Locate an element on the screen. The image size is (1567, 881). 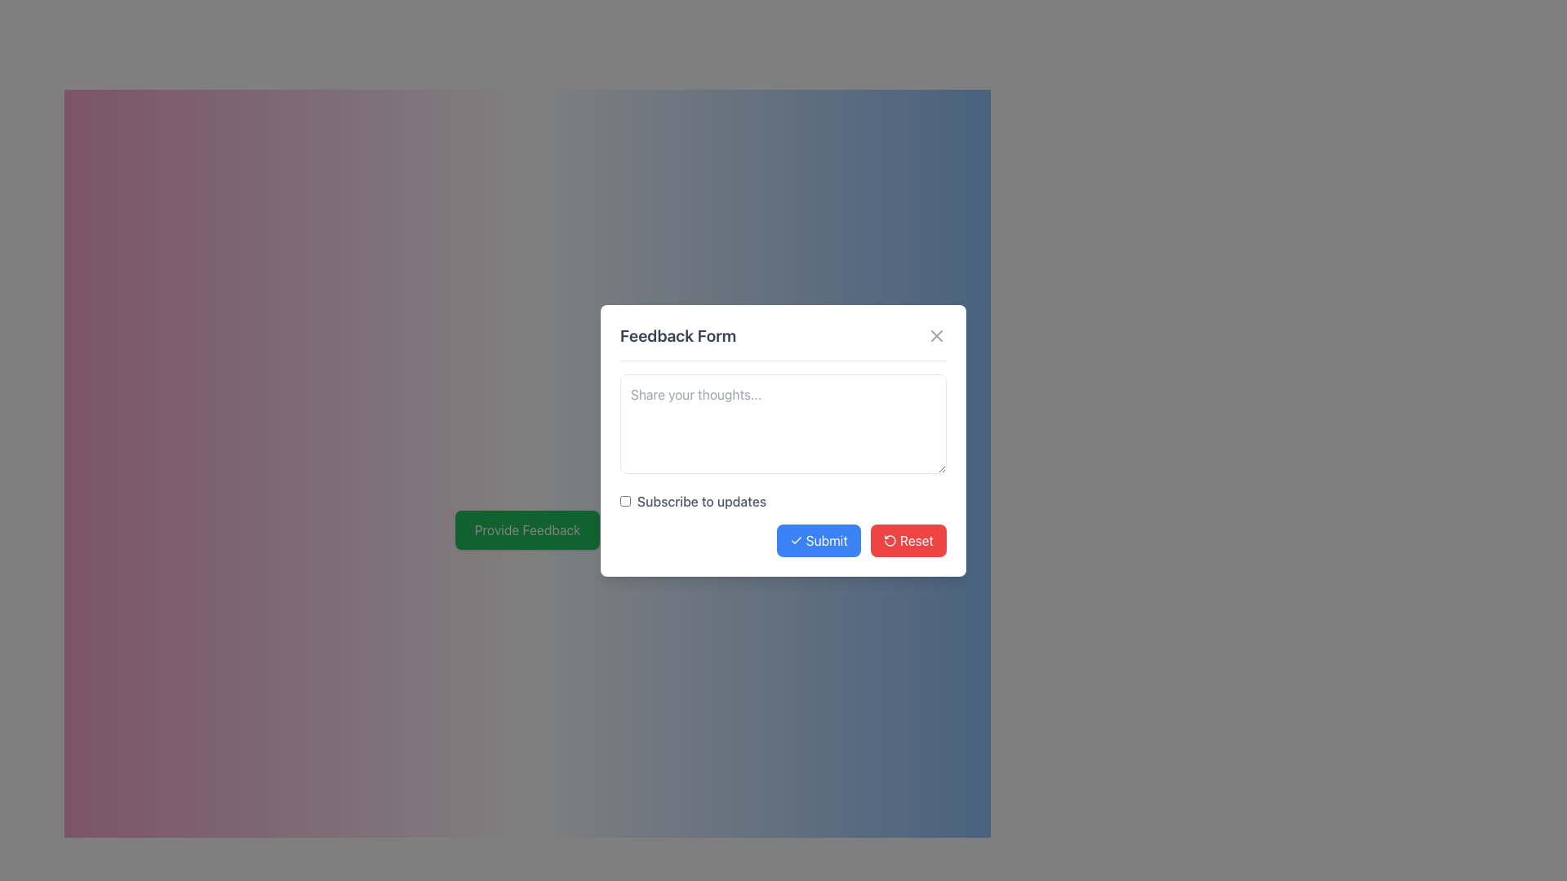
the checkbox labeled 'Subscribe to updates' in the Feedback Form, which is positioned above the Submit and Reset buttons is located at coordinates (783, 500).